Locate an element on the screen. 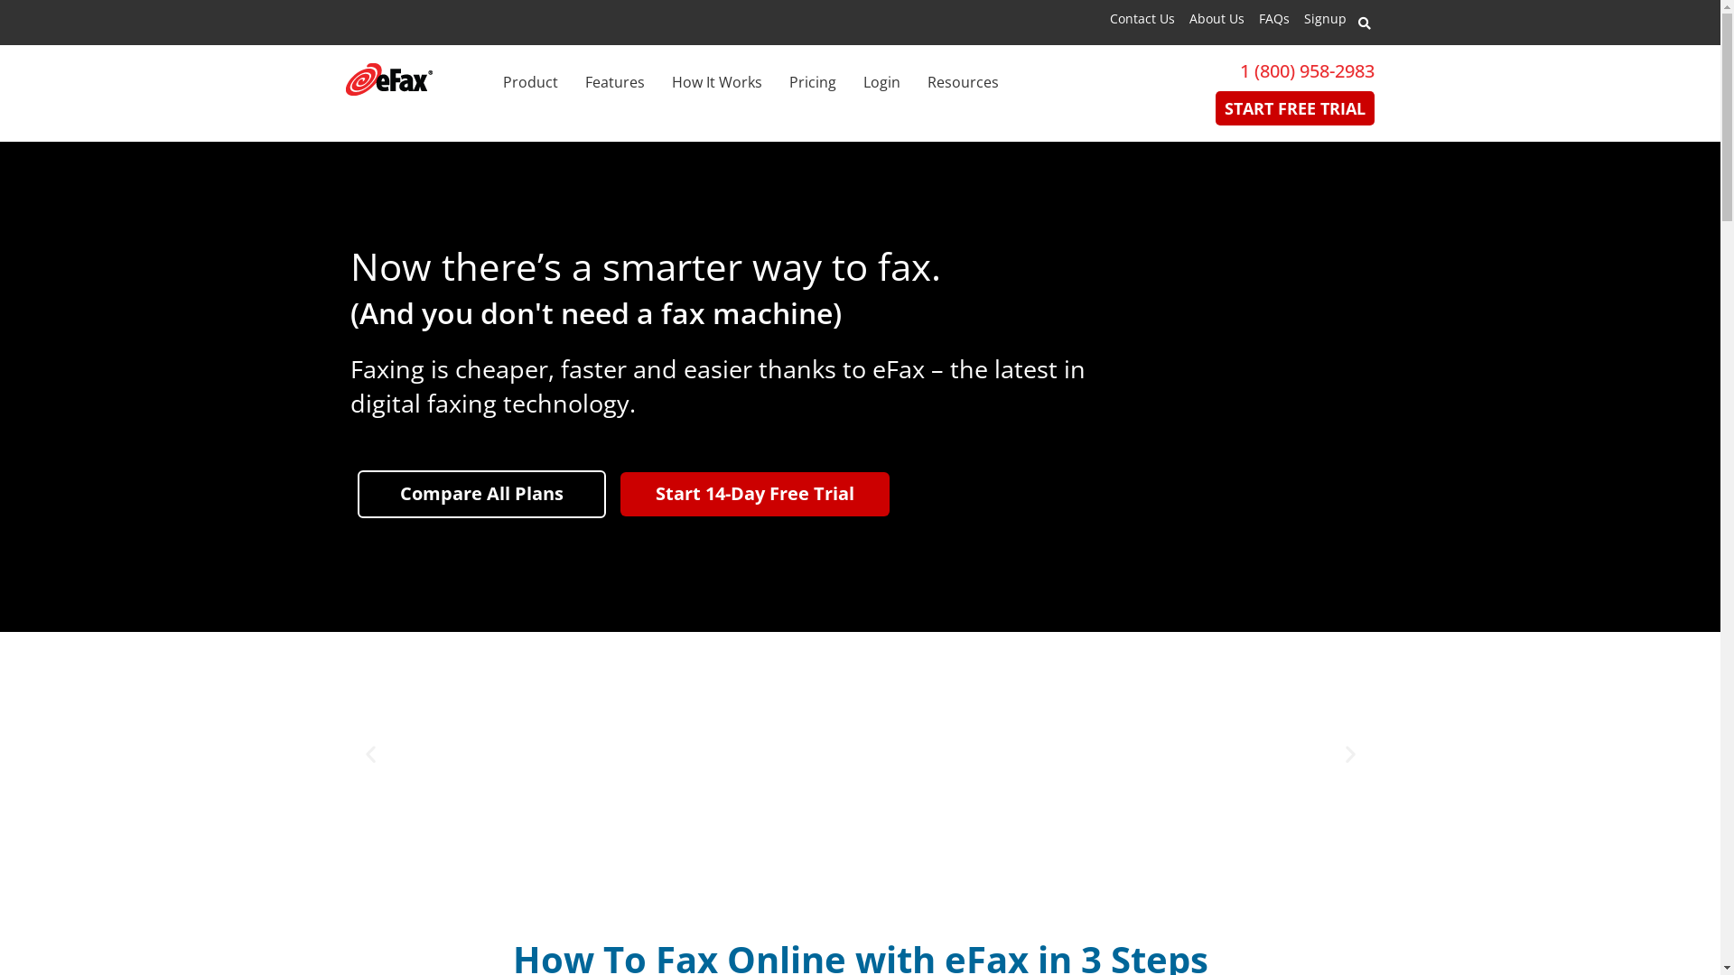  'Login' is located at coordinates (853, 83).